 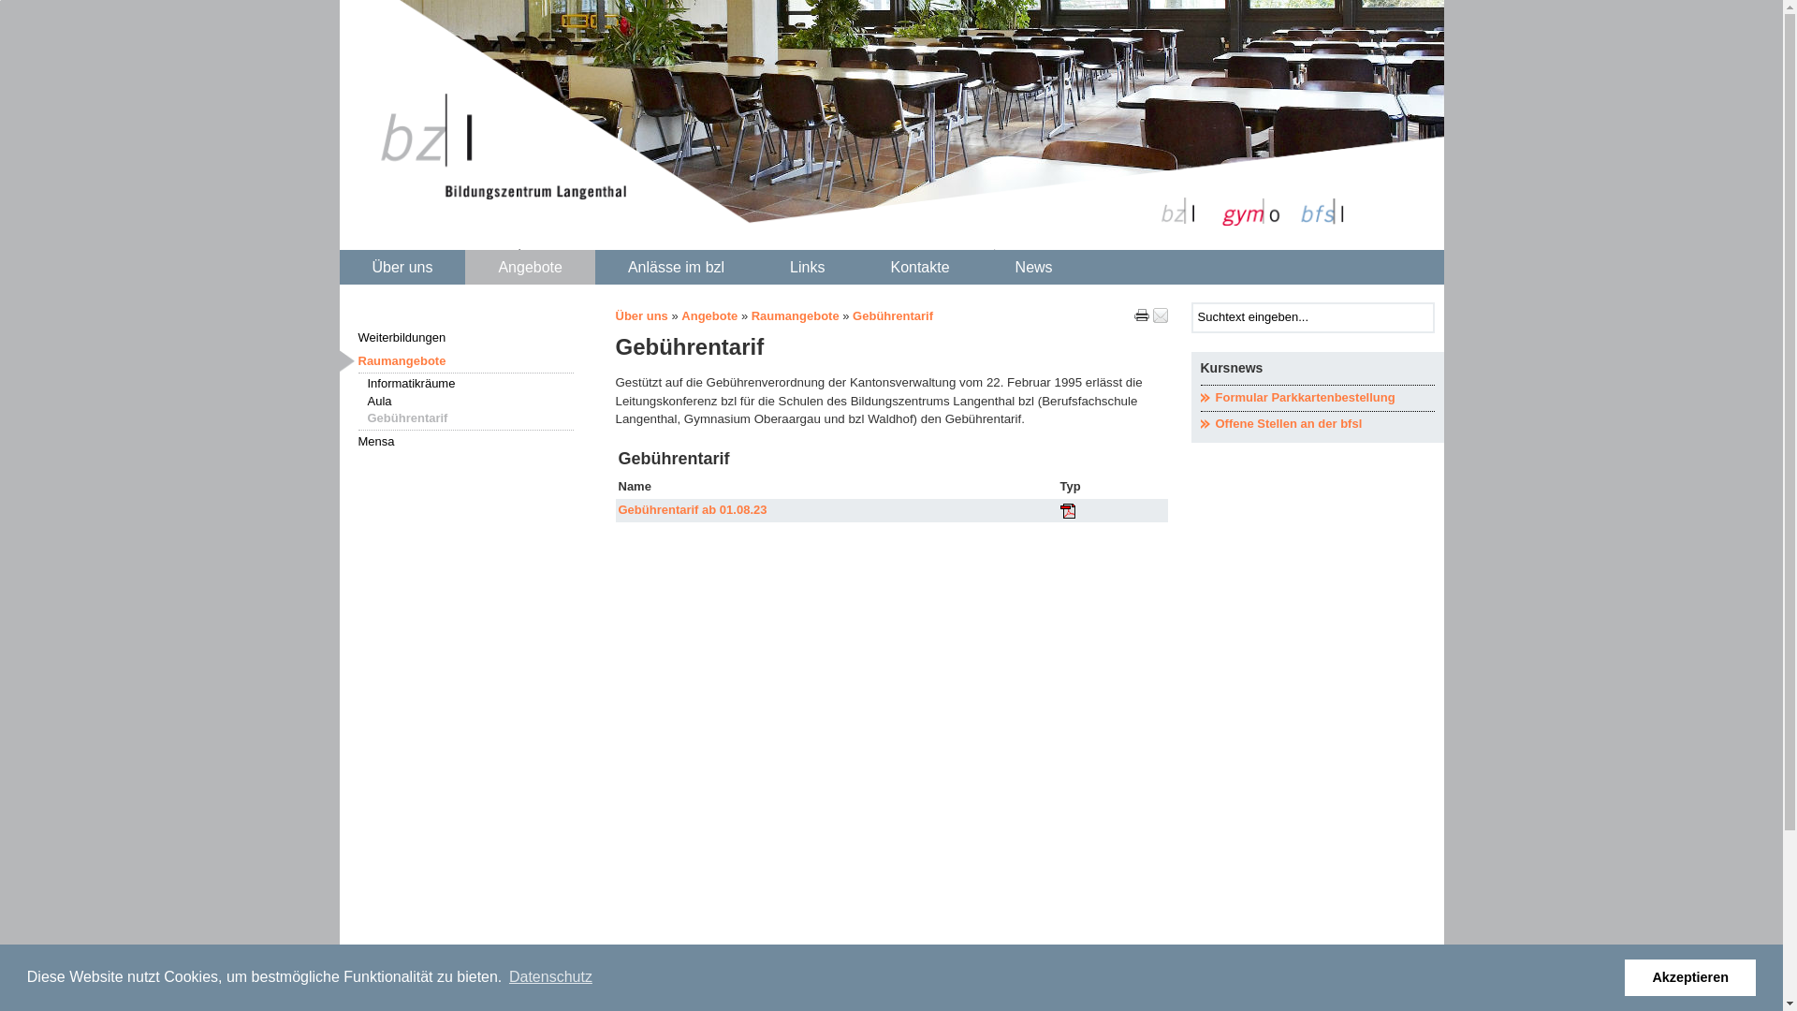 What do you see at coordinates (465, 338) in the screenshot?
I see `'Weiterbildungen'` at bounding box center [465, 338].